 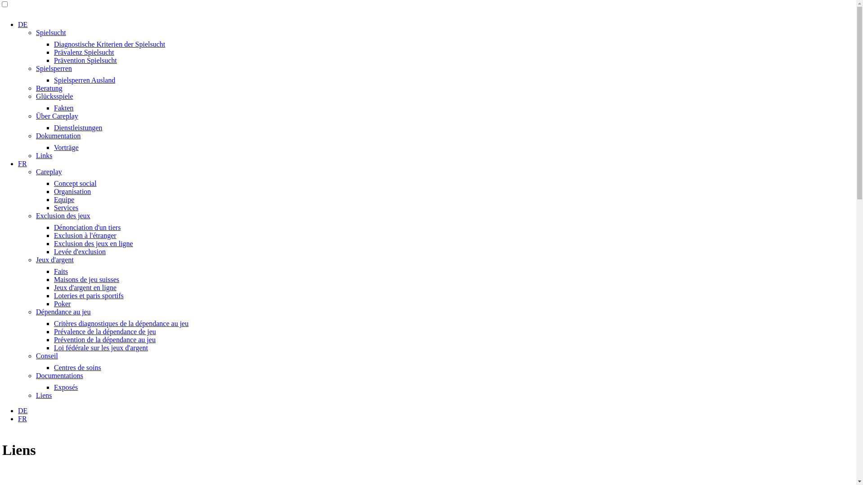 What do you see at coordinates (63, 199) in the screenshot?
I see `'Equipe'` at bounding box center [63, 199].